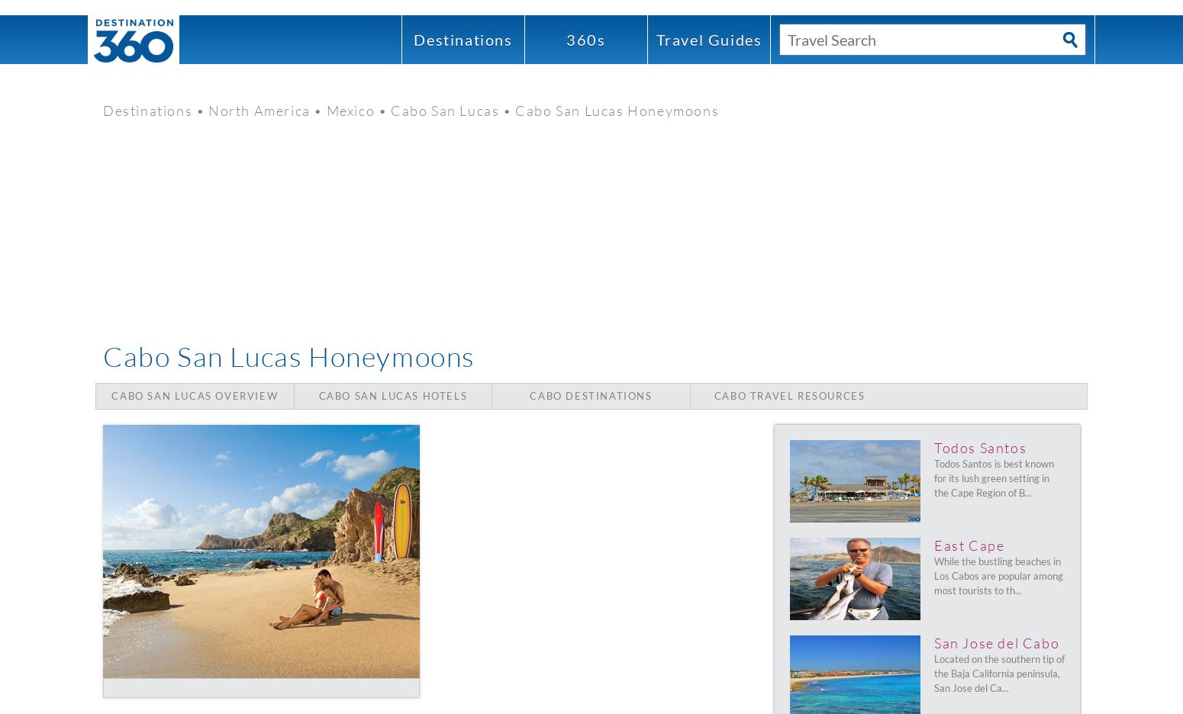 The image size is (1183, 714). I want to click on 'Guides', so click(708, 40).